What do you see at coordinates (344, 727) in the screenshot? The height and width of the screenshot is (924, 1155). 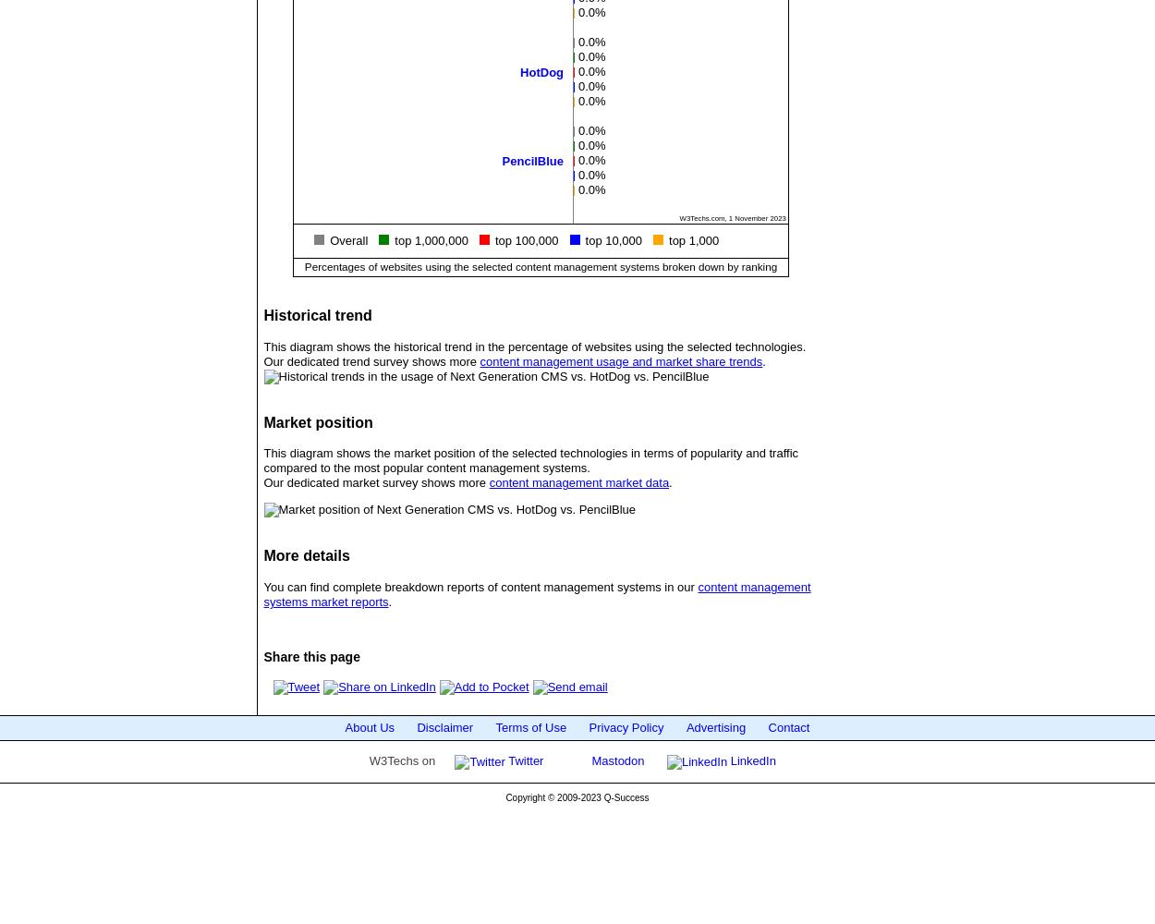 I see `'About Us'` at bounding box center [344, 727].